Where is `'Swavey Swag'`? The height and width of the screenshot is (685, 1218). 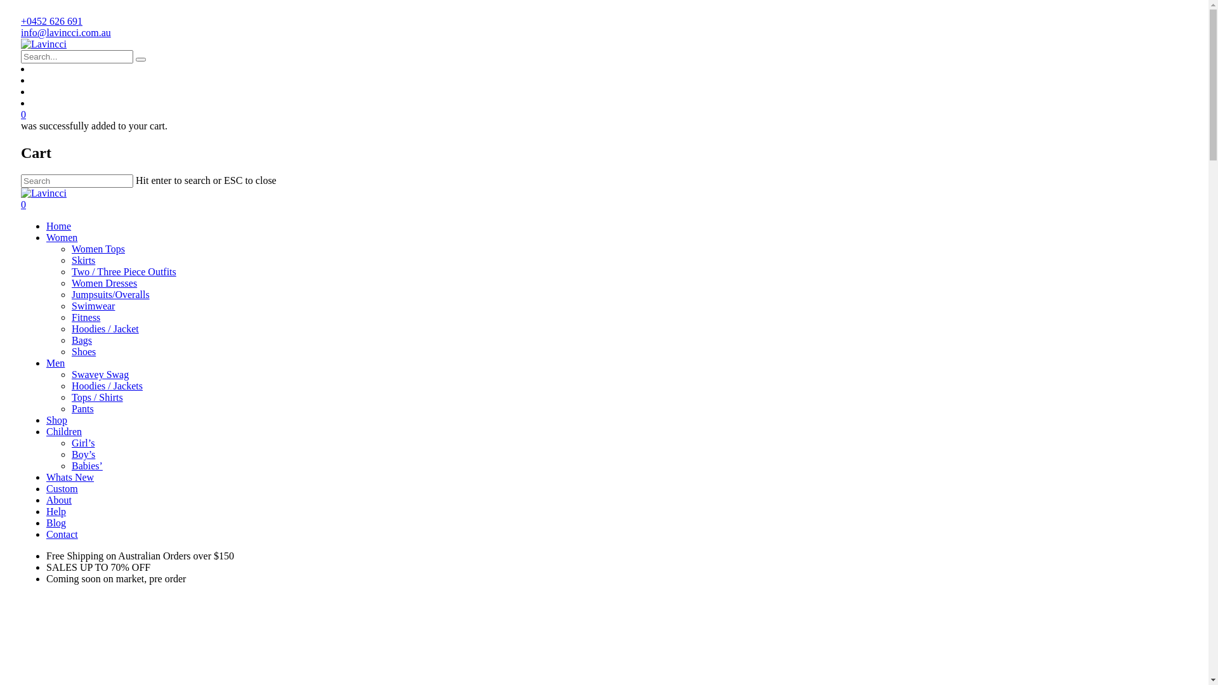
'Swavey Swag' is located at coordinates (100, 374).